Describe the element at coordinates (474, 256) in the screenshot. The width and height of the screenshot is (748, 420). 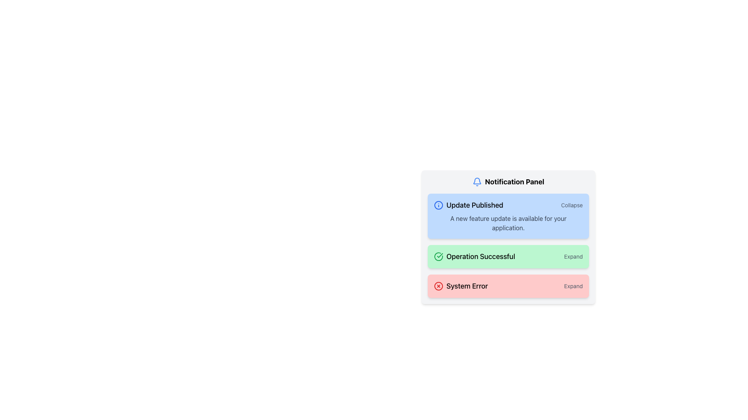
I see `the success message notification text label, which is the second item in the list, located between 'Update Published' and 'System Error'` at that location.